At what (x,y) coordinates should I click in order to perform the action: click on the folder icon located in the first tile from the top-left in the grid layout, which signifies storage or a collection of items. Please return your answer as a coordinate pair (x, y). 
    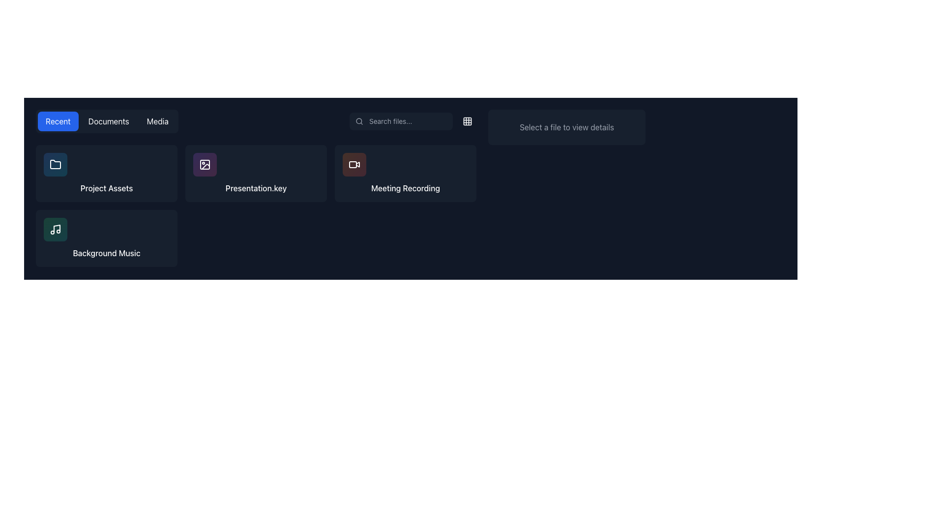
    Looking at the image, I should click on (55, 164).